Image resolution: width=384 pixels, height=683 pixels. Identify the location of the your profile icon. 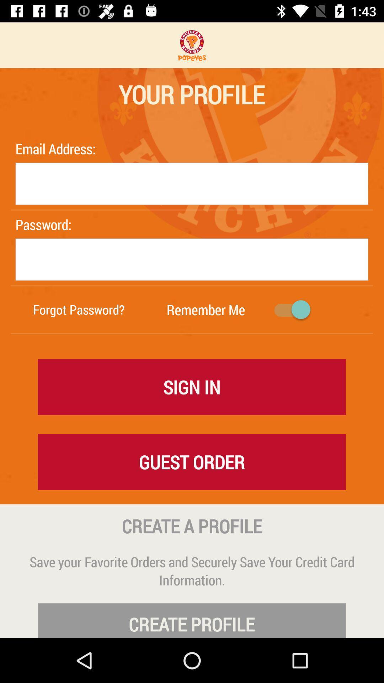
(191, 94).